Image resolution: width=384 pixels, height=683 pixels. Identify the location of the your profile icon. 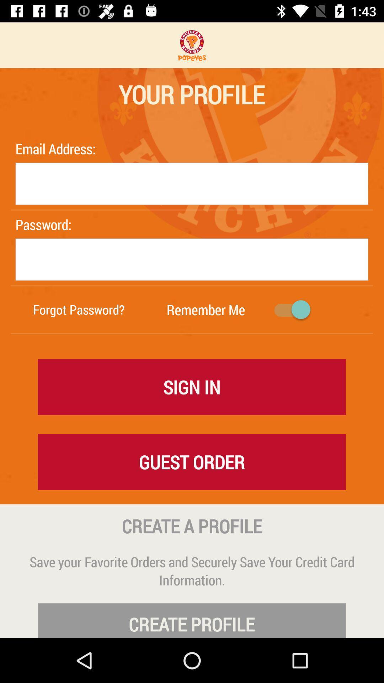
(191, 94).